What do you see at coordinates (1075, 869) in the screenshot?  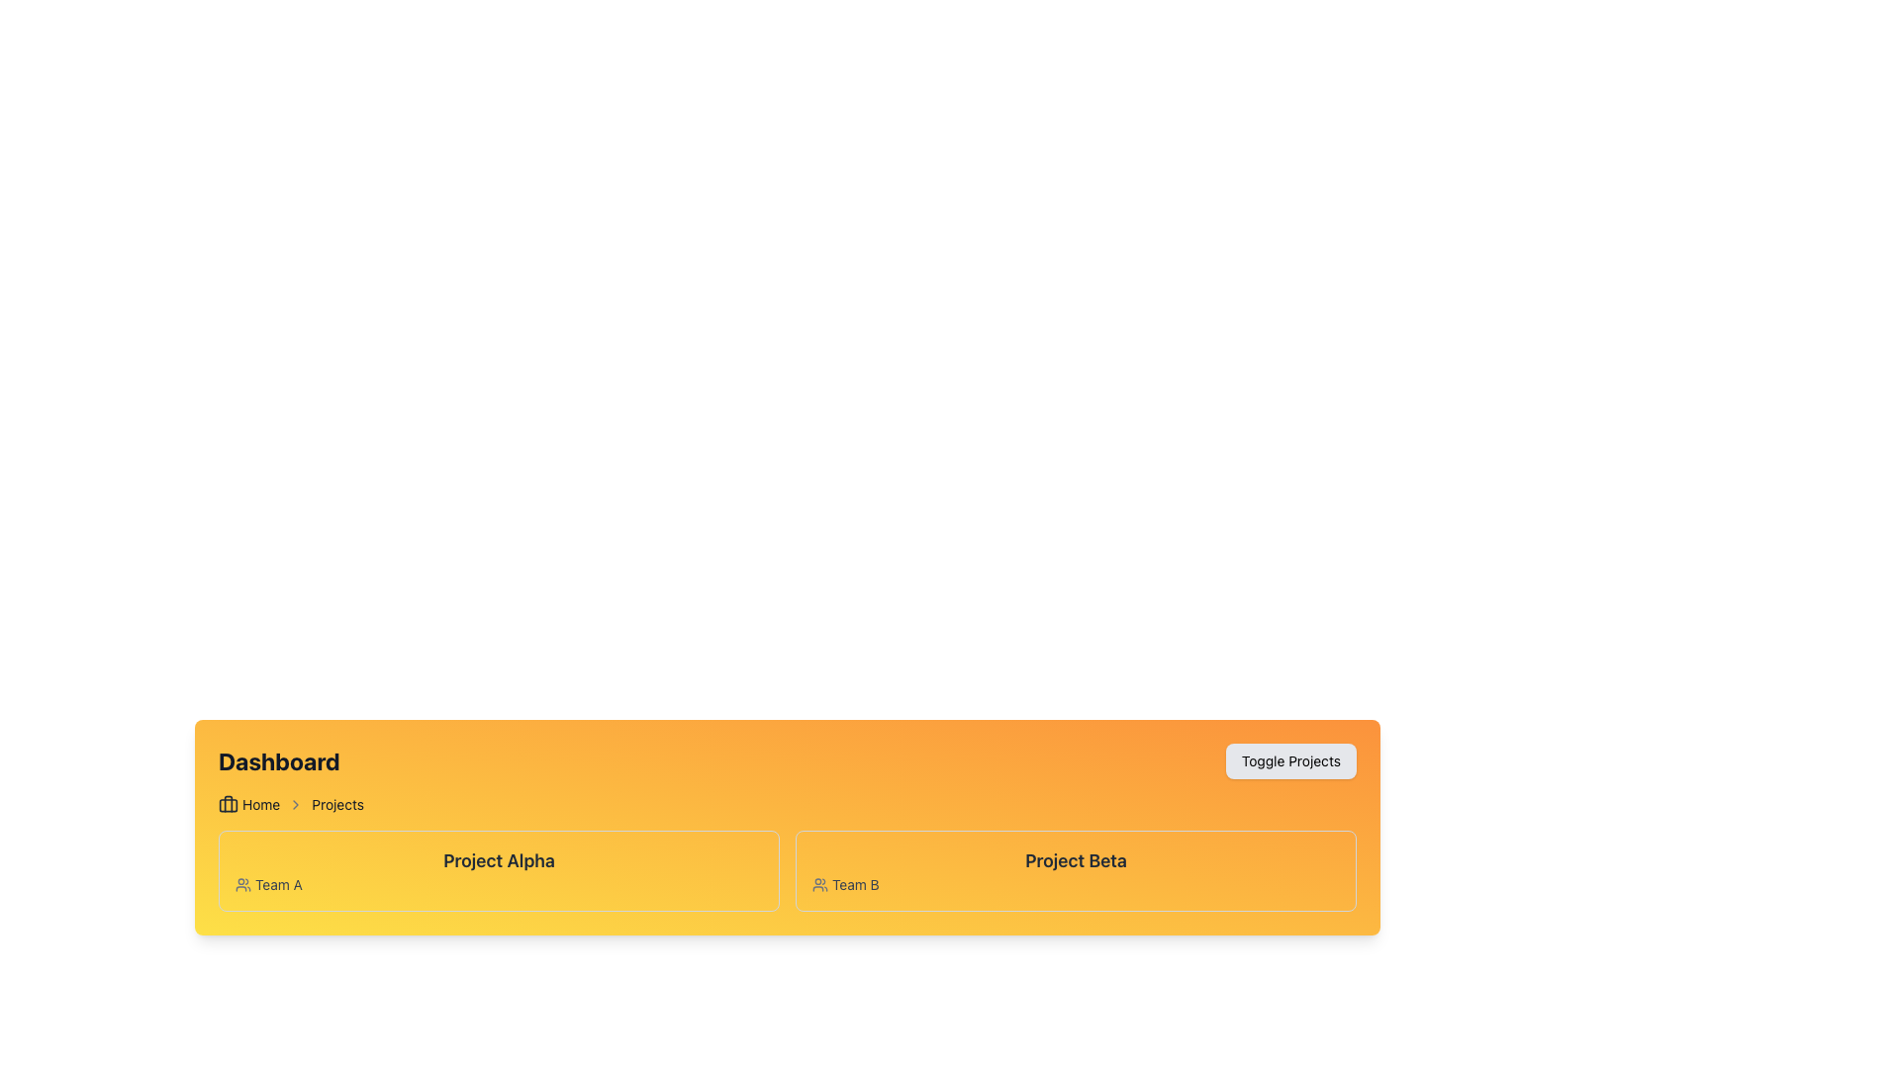 I see `the Card component representing 'Project Beta' associated with 'Team B' in the project dashboard interface` at bounding box center [1075, 869].